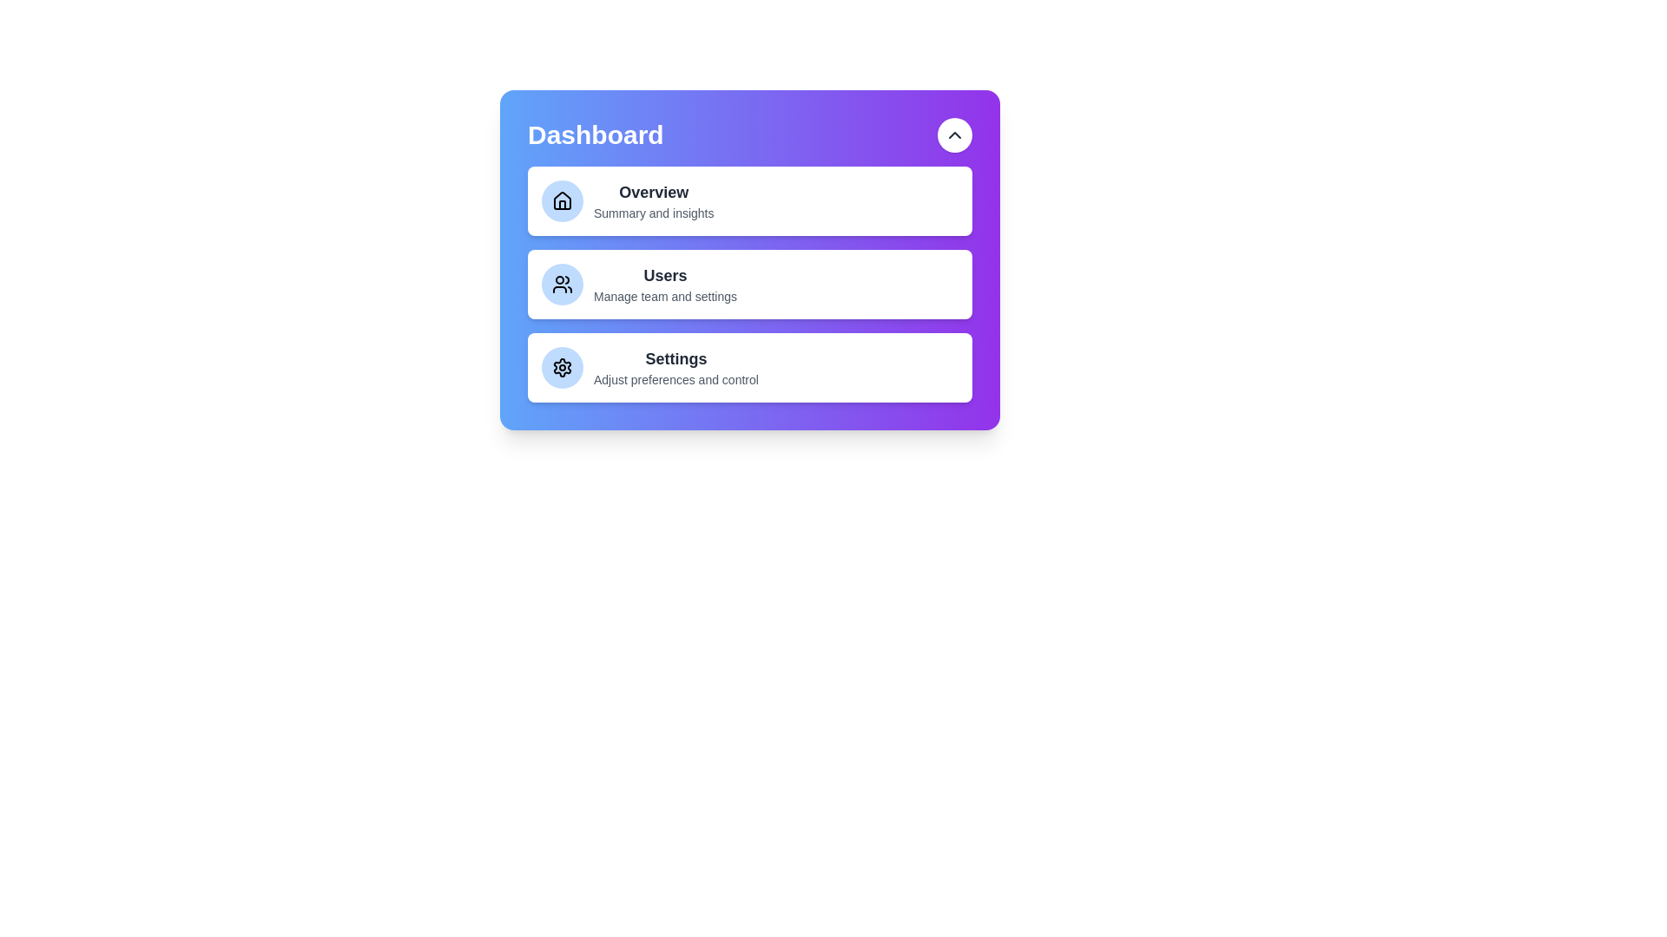 The height and width of the screenshot is (937, 1667). I want to click on the icon of the menu item labeled Overview, so click(563, 200).